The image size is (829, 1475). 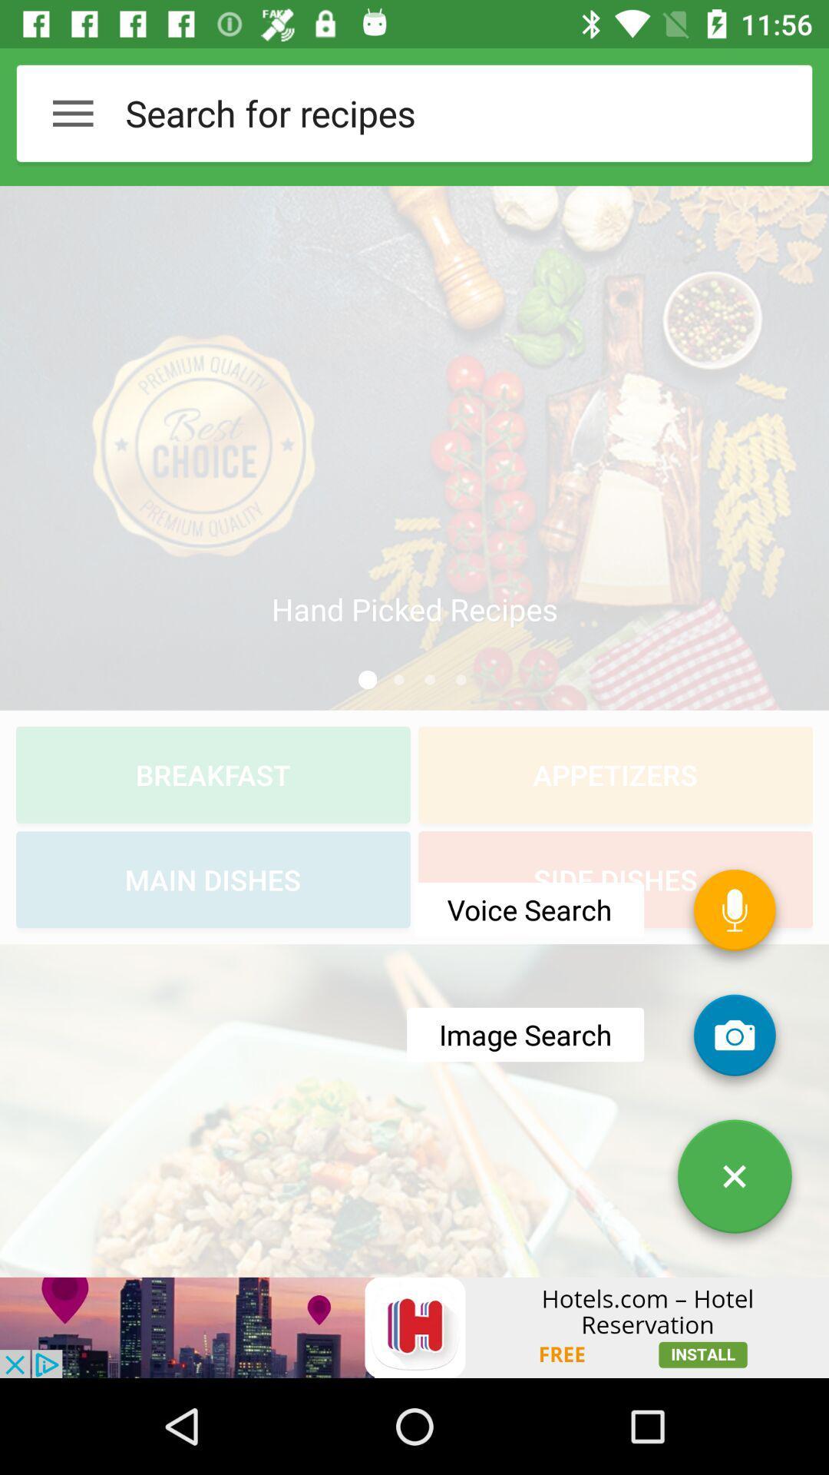 What do you see at coordinates (734, 1041) in the screenshot?
I see `the photo icon` at bounding box center [734, 1041].